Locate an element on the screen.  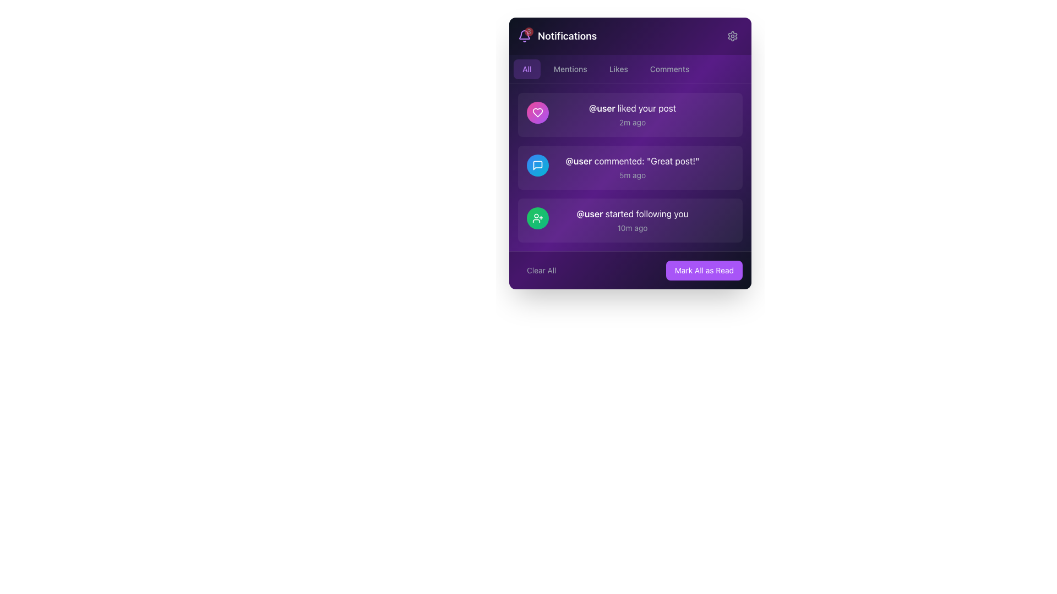
the bold text label displaying the username '@user' in the second notification entry of the notifications panel is located at coordinates (578, 161).